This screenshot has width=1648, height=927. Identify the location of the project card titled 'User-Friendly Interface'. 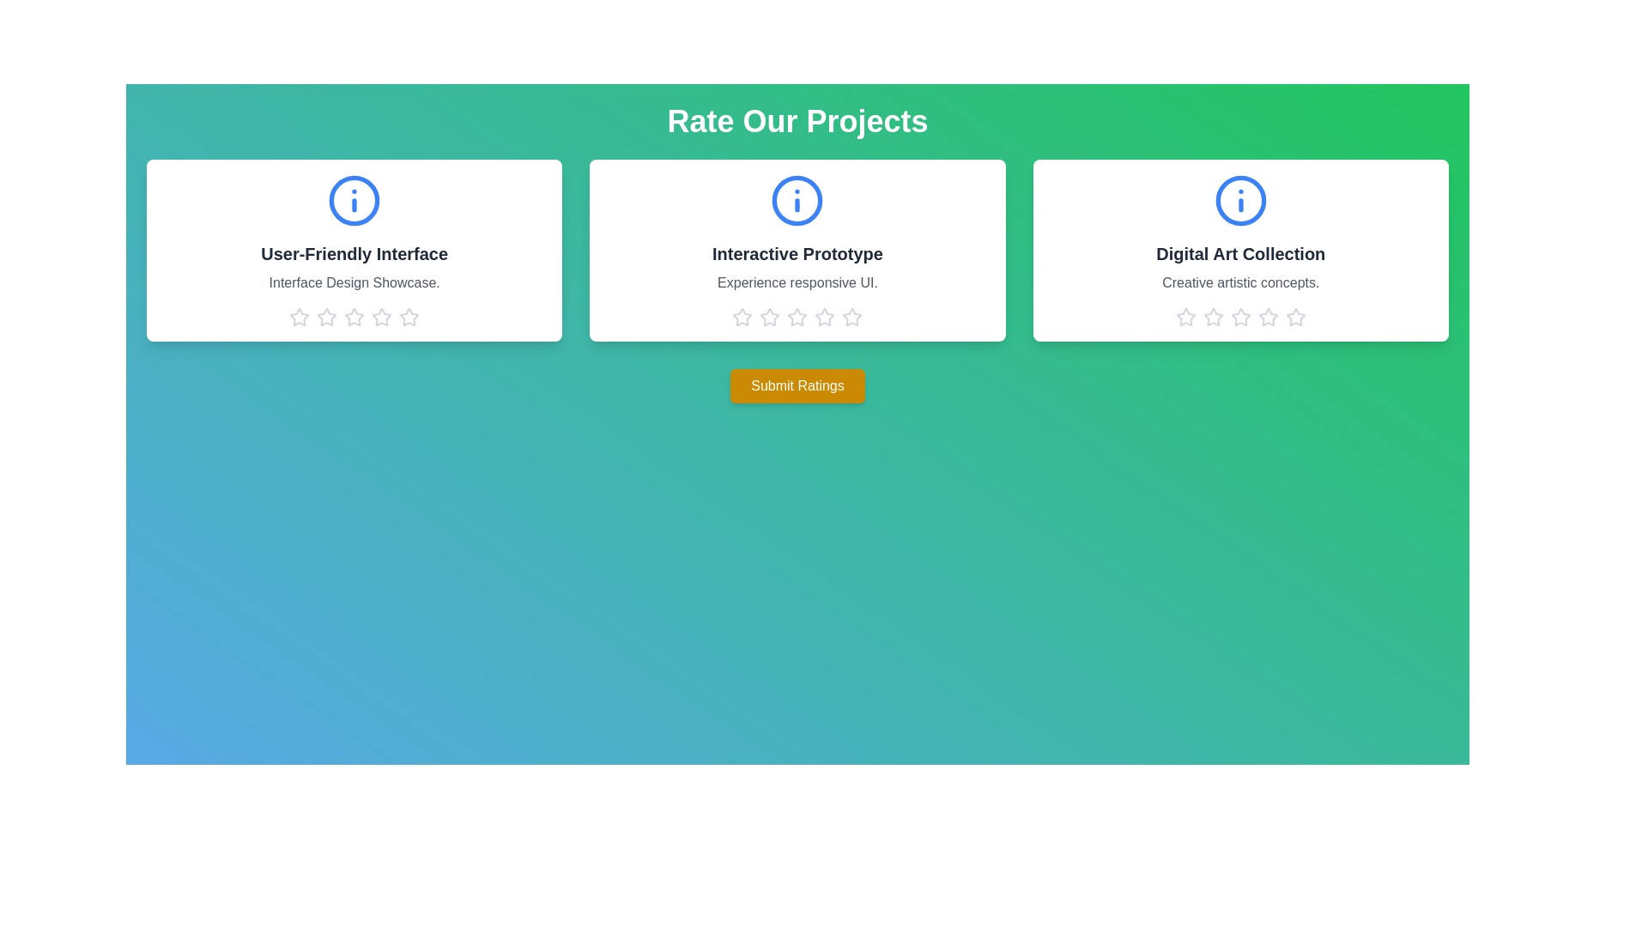
(353, 251).